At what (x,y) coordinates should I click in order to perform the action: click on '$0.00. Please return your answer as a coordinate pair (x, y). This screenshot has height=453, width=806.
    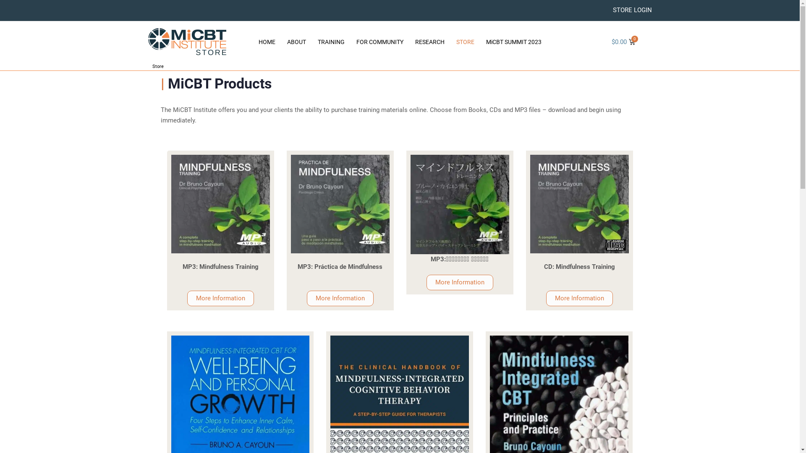
    Looking at the image, I should click on (623, 42).